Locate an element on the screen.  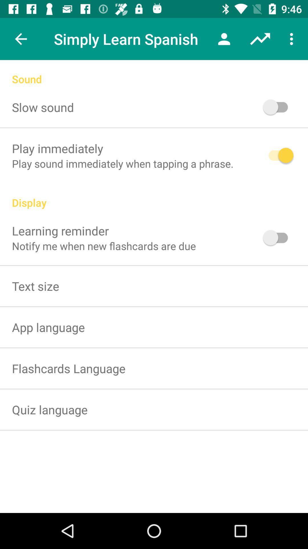
item above the sound icon is located at coordinates (293, 39).